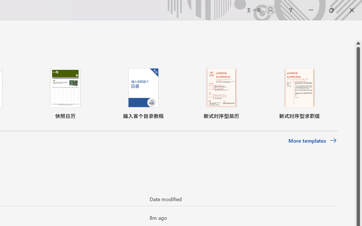 Image resolution: width=362 pixels, height=226 pixels. I want to click on 'Close', so click(352, 10).